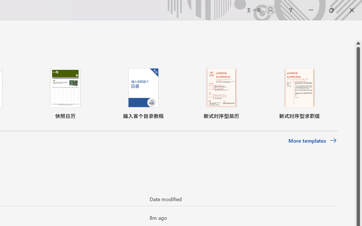 Image resolution: width=362 pixels, height=226 pixels. I want to click on 'Close', so click(352, 10).